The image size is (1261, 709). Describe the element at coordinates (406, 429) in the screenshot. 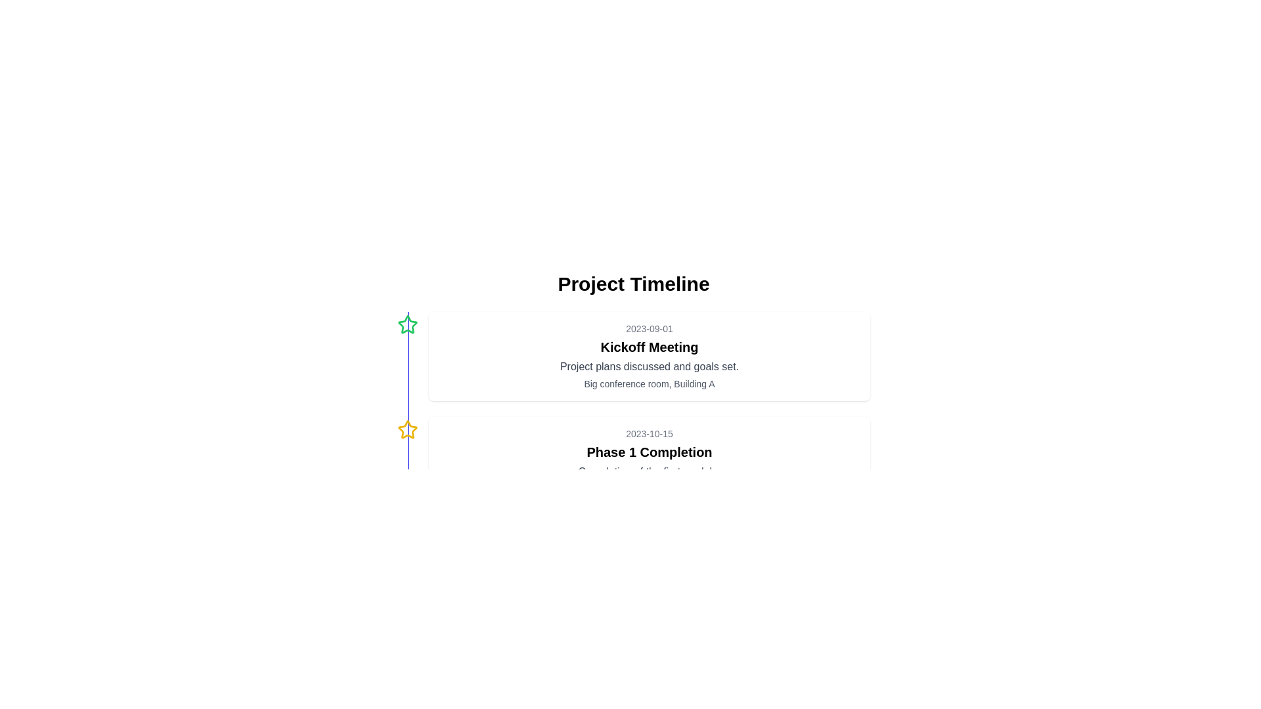

I see `the bold yellow five-pointed star icon that is hollow and outlined in yellow, located adjacent to the timeline marker and closely associated with the second timeline event description` at that location.